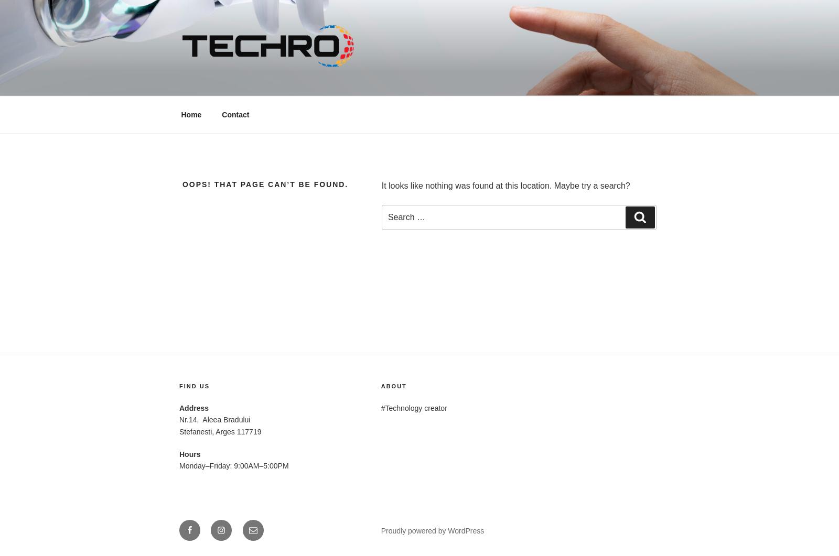 The image size is (839, 556). I want to click on 'About', so click(393, 386).